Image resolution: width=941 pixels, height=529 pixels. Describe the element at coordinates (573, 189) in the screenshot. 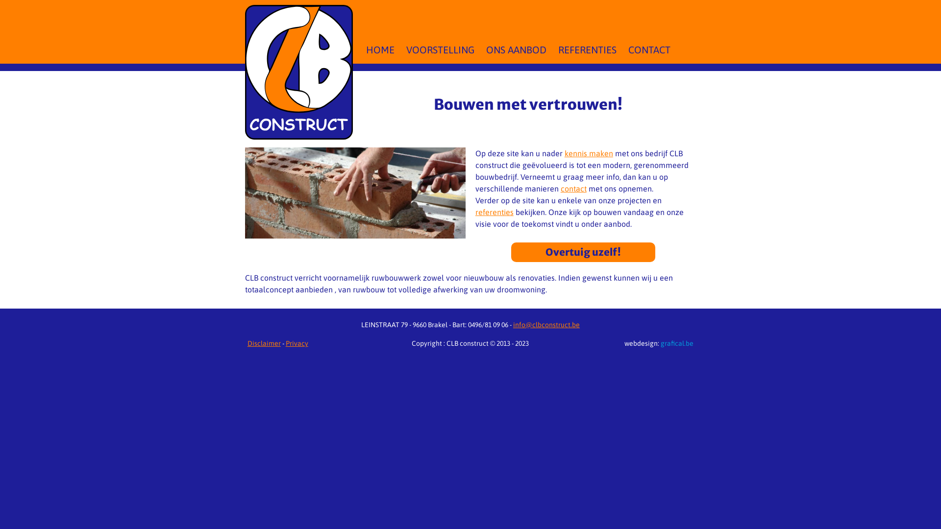

I see `'contact'` at that location.